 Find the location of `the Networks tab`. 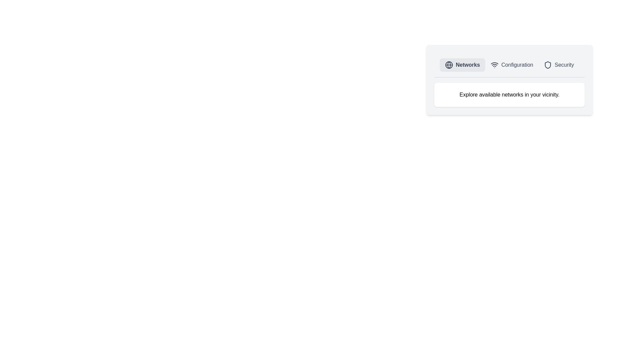

the Networks tab is located at coordinates (462, 65).